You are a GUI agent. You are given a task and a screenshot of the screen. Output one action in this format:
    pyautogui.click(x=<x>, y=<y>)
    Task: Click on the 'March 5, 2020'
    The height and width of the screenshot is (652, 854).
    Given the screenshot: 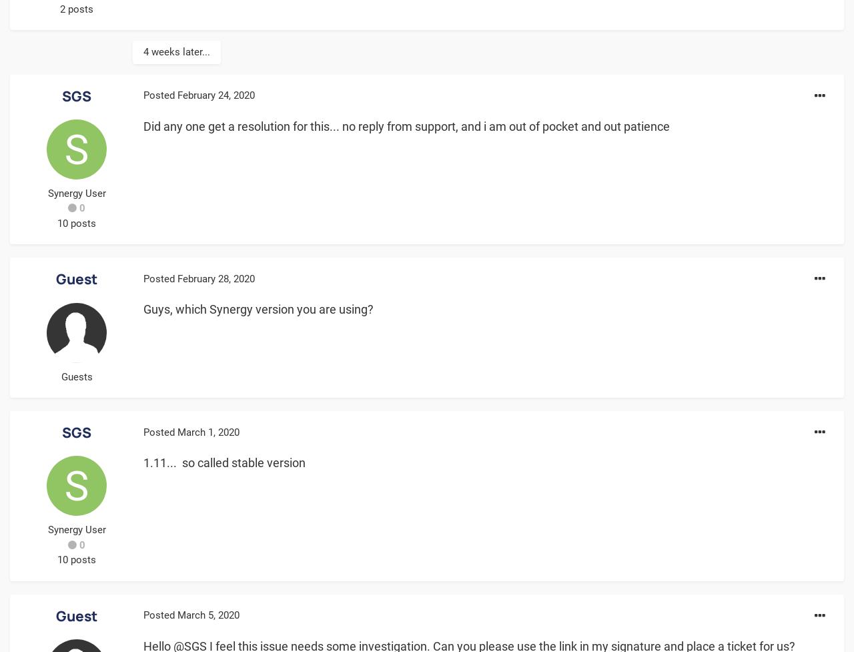 What is the action you would take?
    pyautogui.click(x=207, y=614)
    